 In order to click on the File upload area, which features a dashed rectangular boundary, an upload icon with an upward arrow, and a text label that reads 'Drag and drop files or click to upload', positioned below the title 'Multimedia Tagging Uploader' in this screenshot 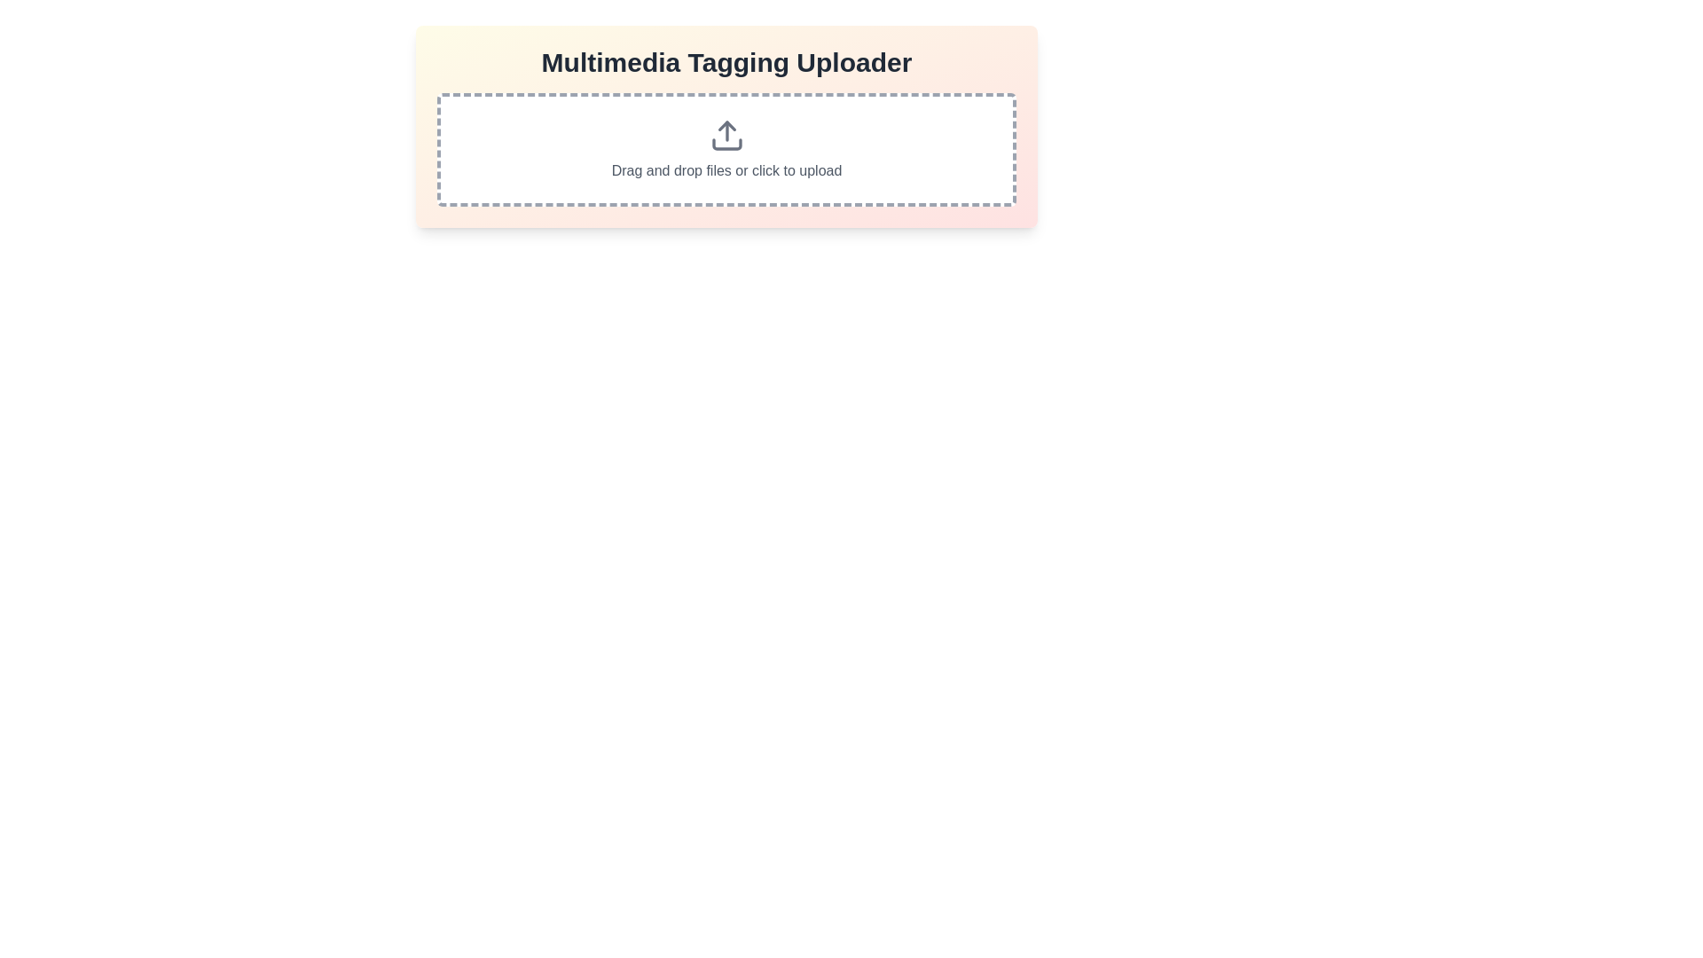, I will do `click(726, 149)`.